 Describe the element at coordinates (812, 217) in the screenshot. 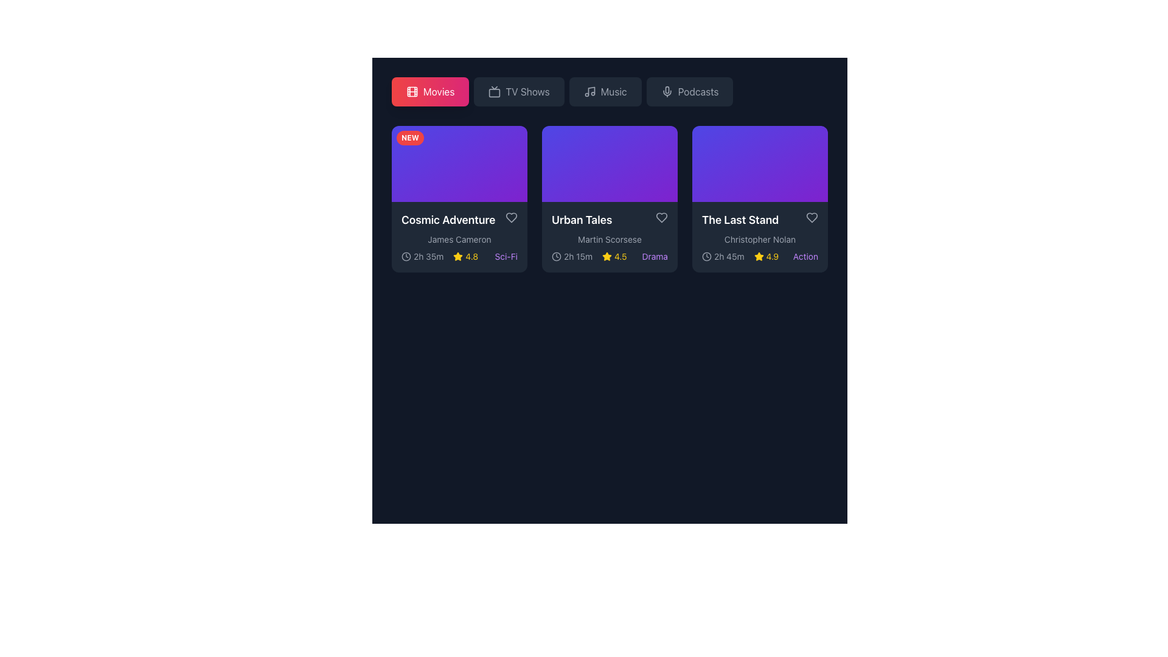

I see `the heart icon located at the top-right corner of the card titled 'The Last Stand' to change its color` at that location.